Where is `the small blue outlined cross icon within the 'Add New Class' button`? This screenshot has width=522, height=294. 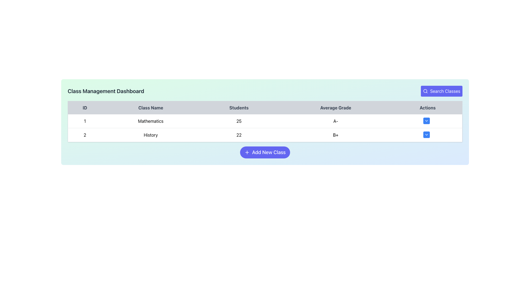
the small blue outlined cross icon within the 'Add New Class' button is located at coordinates (247, 152).